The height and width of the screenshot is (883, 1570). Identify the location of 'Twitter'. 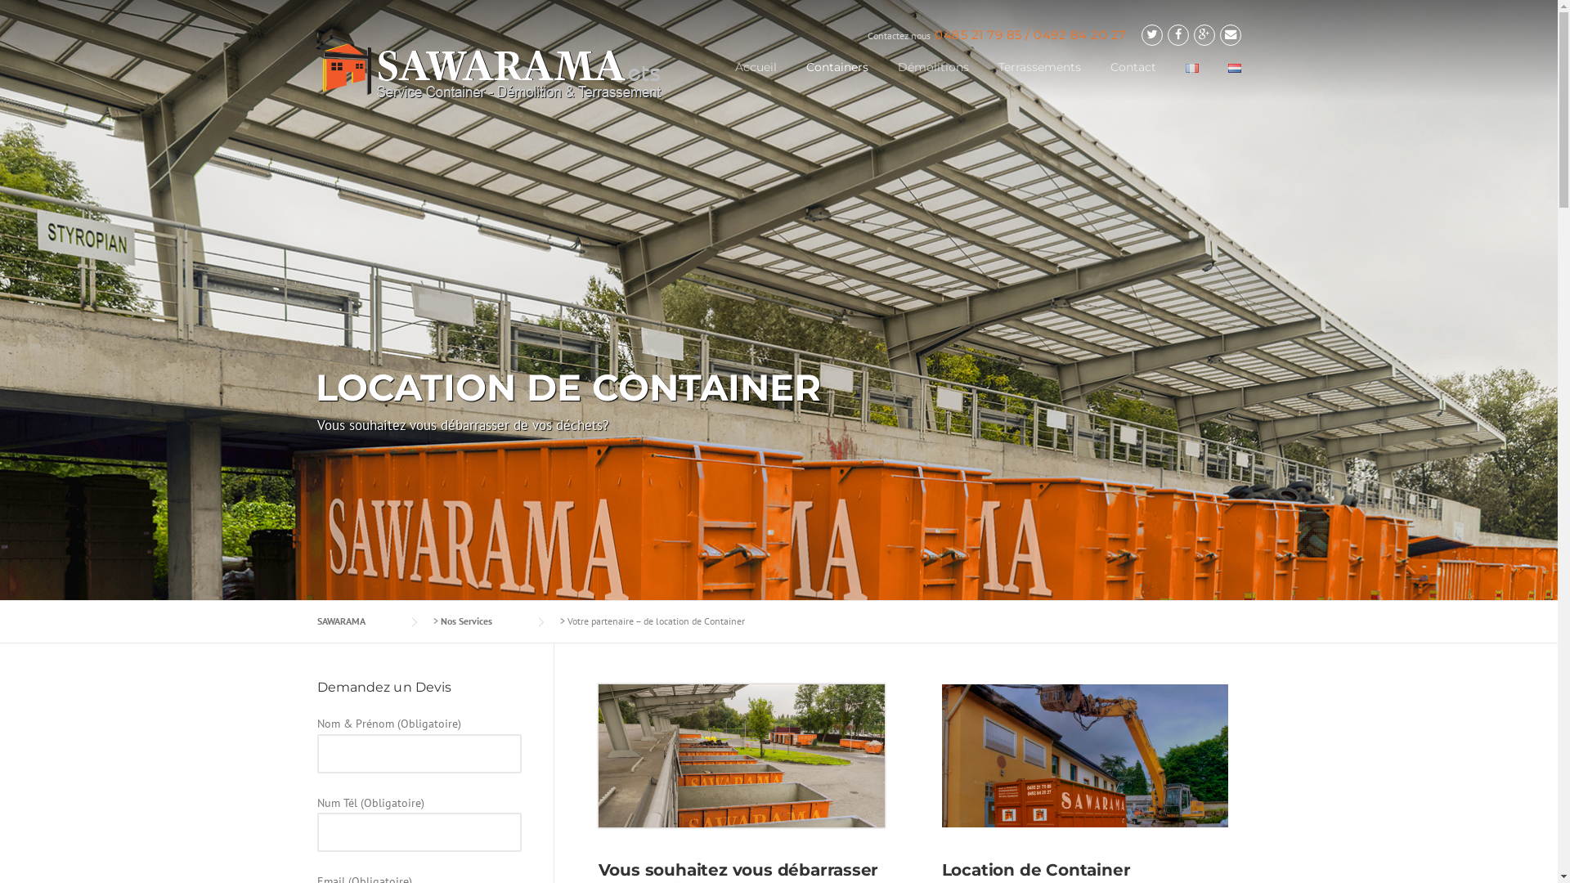
(1151, 34).